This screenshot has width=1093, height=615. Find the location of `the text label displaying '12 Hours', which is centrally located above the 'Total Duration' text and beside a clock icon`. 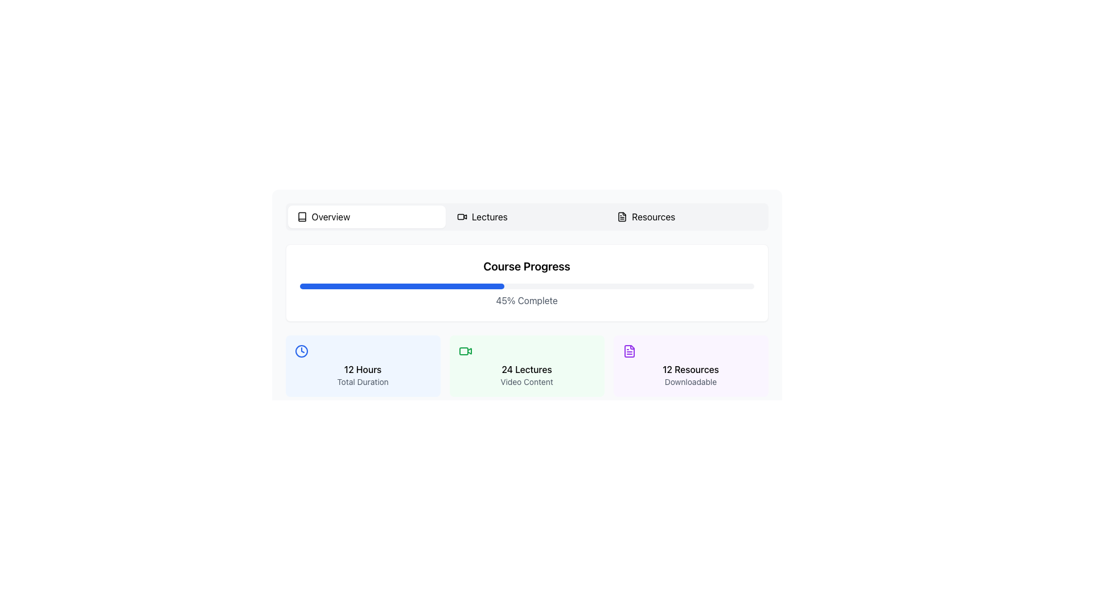

the text label displaying '12 Hours', which is centrally located above the 'Total Duration' text and beside a clock icon is located at coordinates (362, 369).